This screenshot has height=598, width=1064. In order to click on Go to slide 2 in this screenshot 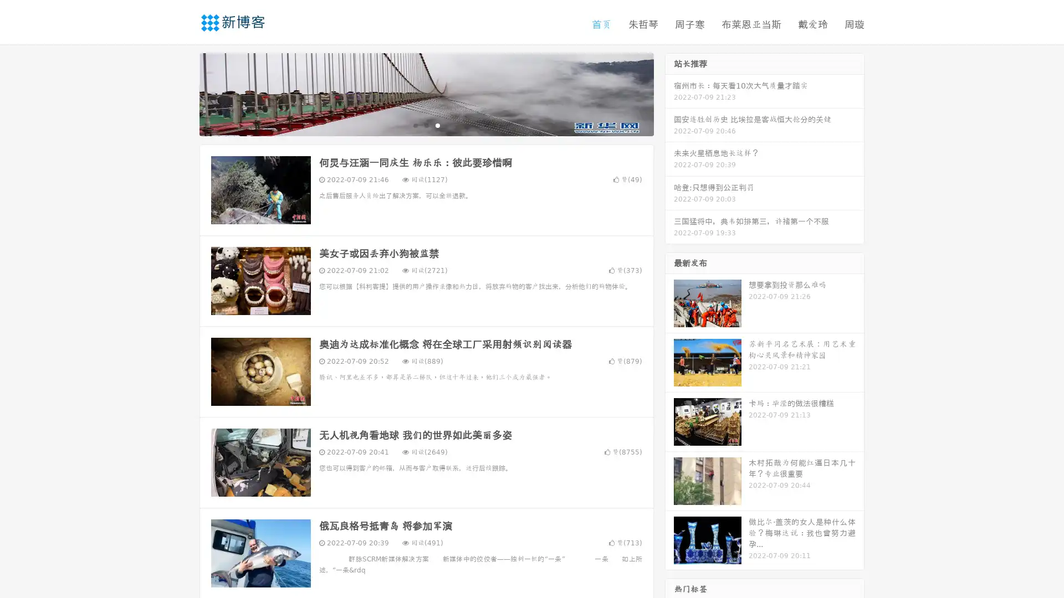, I will do `click(426, 125)`.